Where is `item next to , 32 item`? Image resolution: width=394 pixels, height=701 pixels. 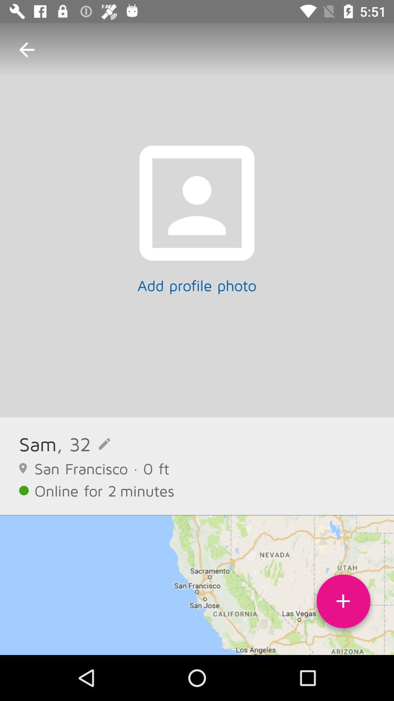
item next to , 32 item is located at coordinates (38, 444).